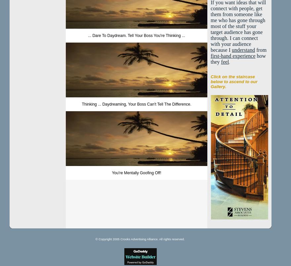 The height and width of the screenshot is (266, 291). What do you see at coordinates (211, 56) in the screenshot?
I see `'first-hand experience'` at bounding box center [211, 56].